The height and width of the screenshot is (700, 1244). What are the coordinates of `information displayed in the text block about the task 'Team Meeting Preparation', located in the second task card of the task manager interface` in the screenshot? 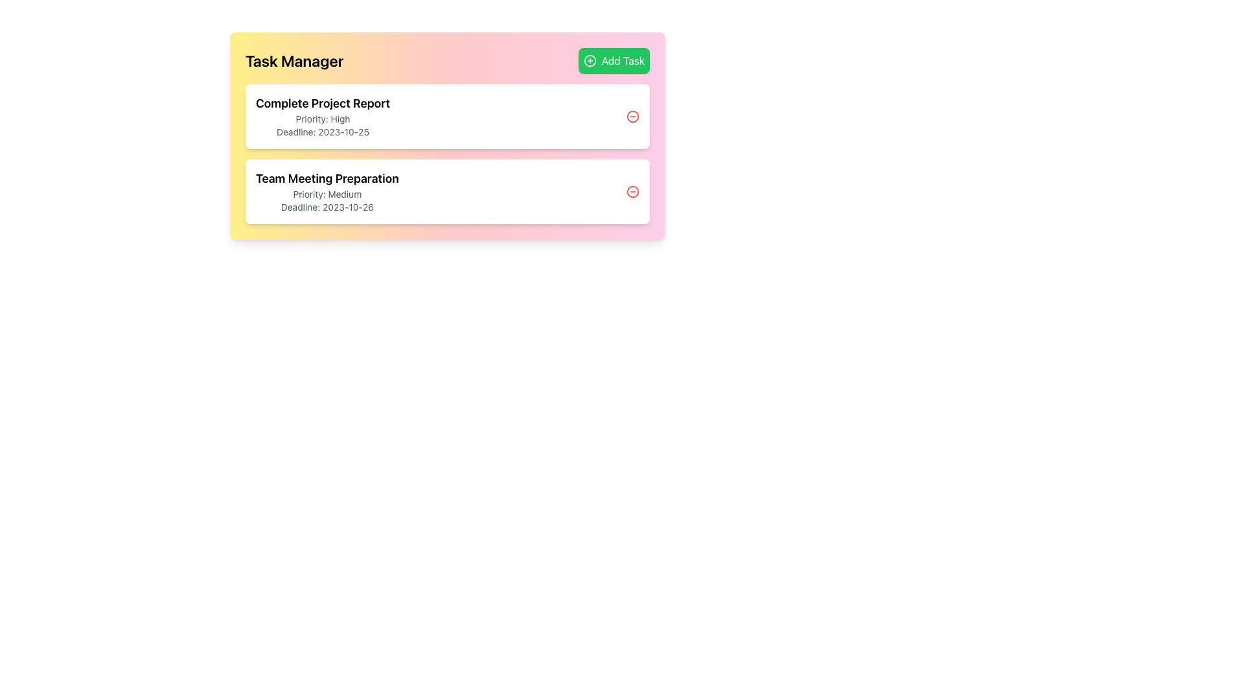 It's located at (327, 192).